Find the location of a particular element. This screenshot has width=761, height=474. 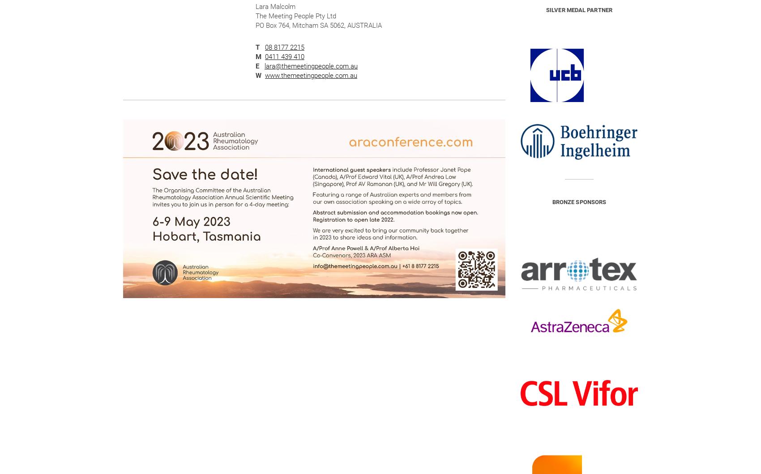

'M' is located at coordinates (257, 56).